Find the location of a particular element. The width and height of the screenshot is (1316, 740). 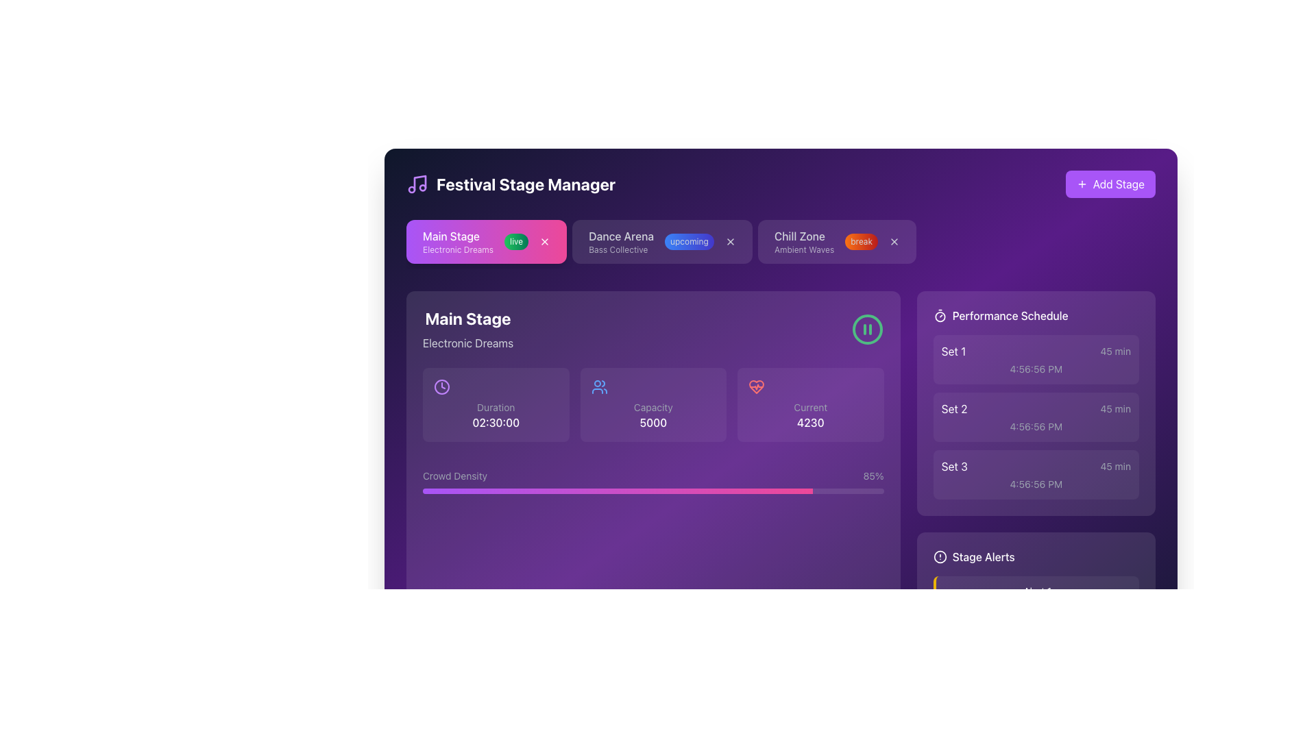

text label displaying 'Dance Arena', which is styled in white color on a dark purple background and is the second label in a horizontal group of stage labels is located at coordinates (620, 235).